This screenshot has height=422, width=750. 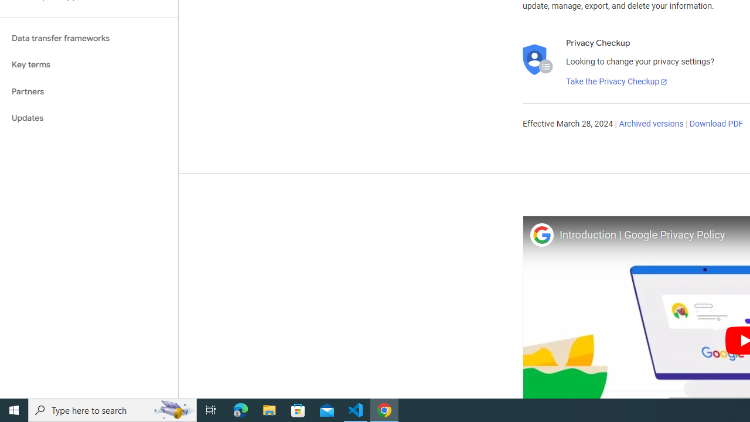 I want to click on 'Download PDF', so click(x=715, y=124).